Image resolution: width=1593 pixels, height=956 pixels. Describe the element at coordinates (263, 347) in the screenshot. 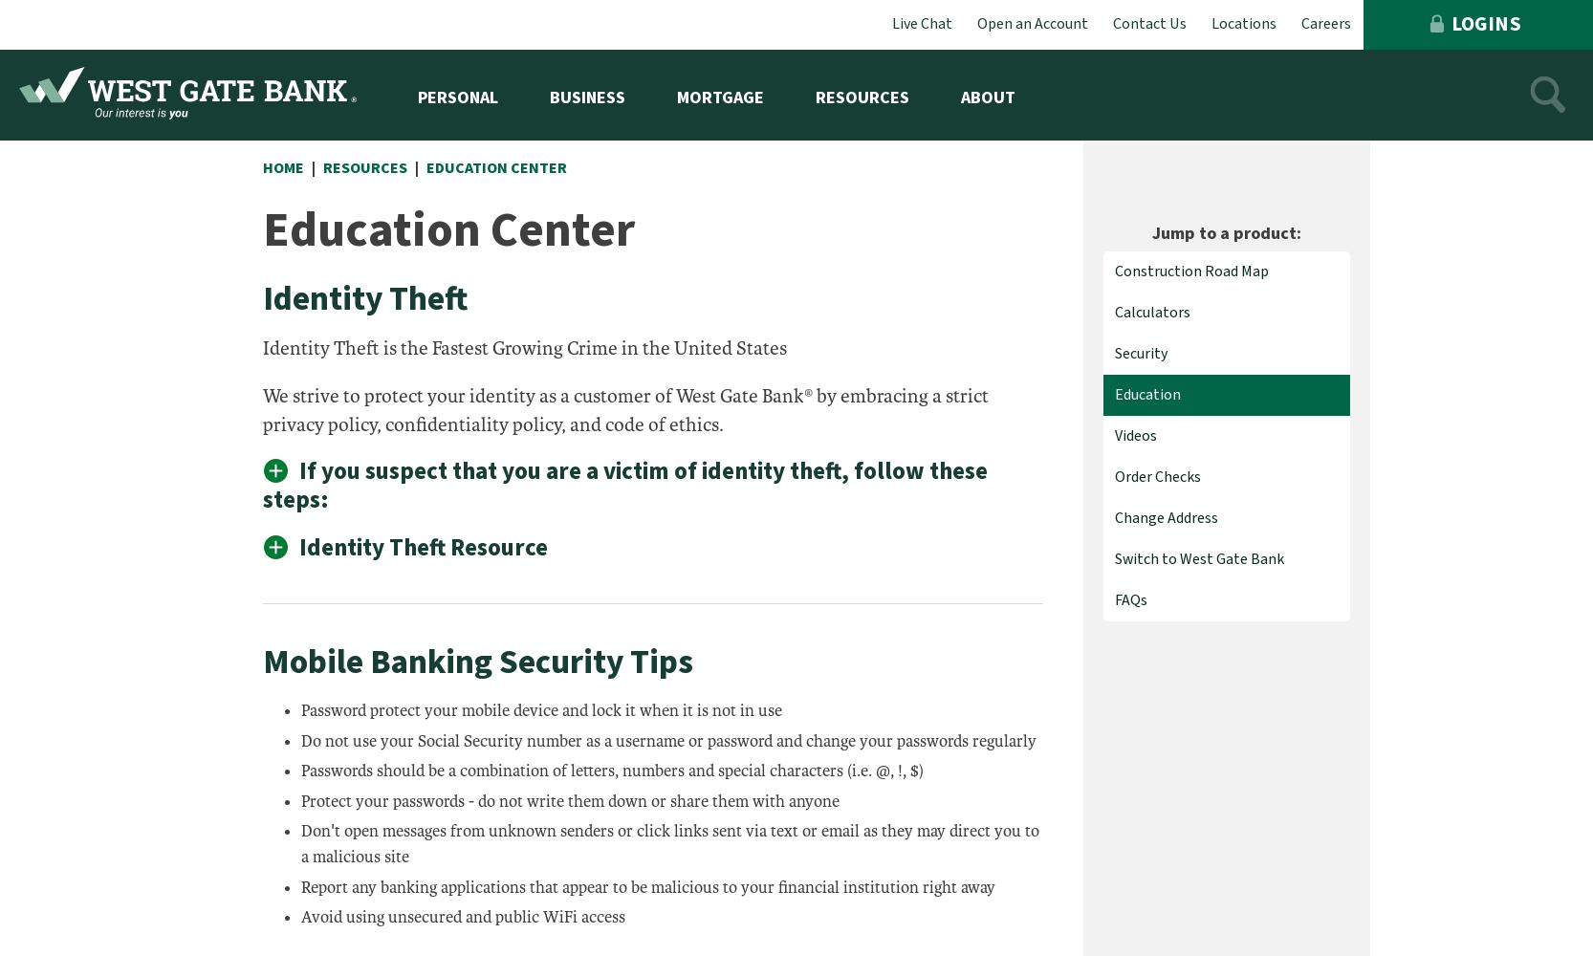

I see `'Identity Theft is the Fastest Growing Crime in the United States'` at that location.